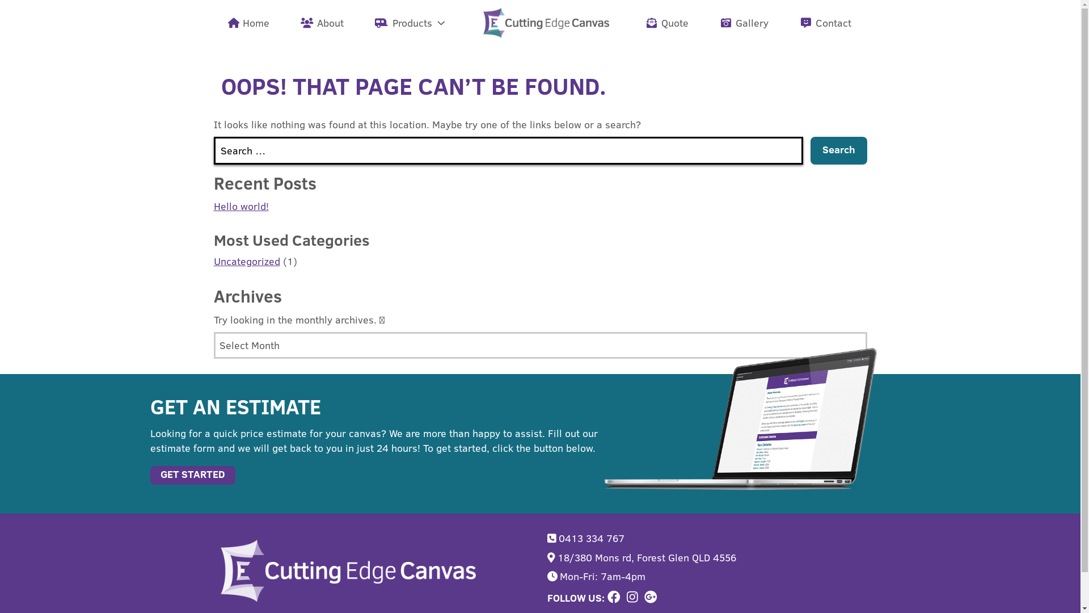 This screenshot has height=613, width=1089. What do you see at coordinates (547, 538) in the screenshot?
I see `'0413 334 767'` at bounding box center [547, 538].